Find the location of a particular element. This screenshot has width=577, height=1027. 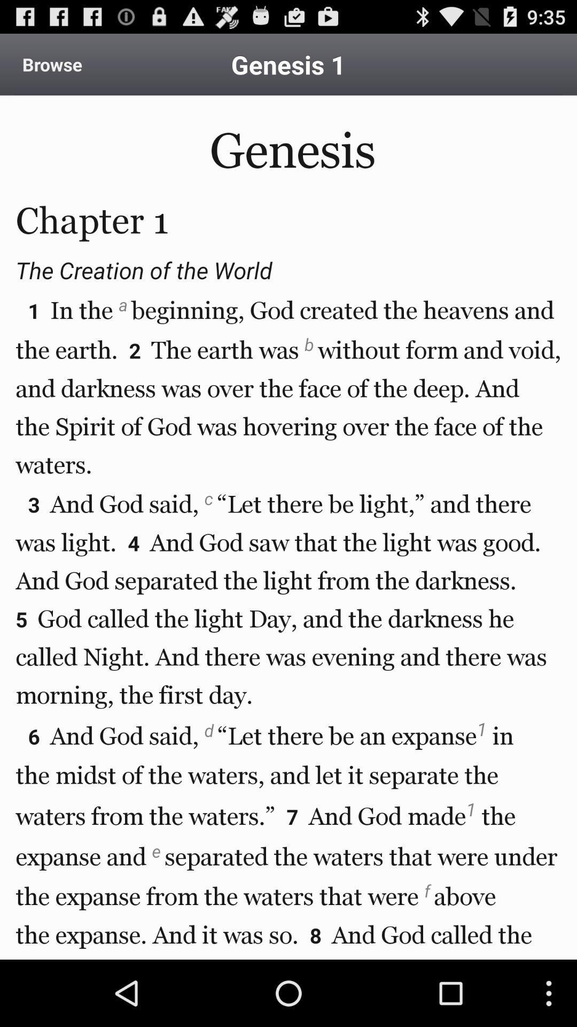

icon above the genesis chapter 1 icon is located at coordinates (52, 64).